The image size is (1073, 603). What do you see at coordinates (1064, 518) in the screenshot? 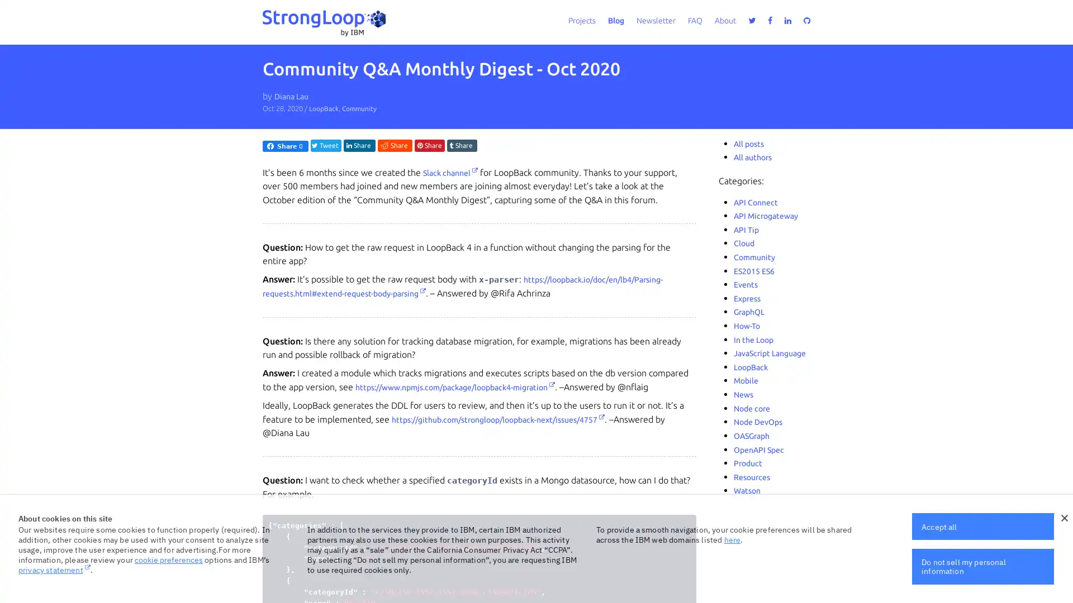
I see `close icon` at bounding box center [1064, 518].